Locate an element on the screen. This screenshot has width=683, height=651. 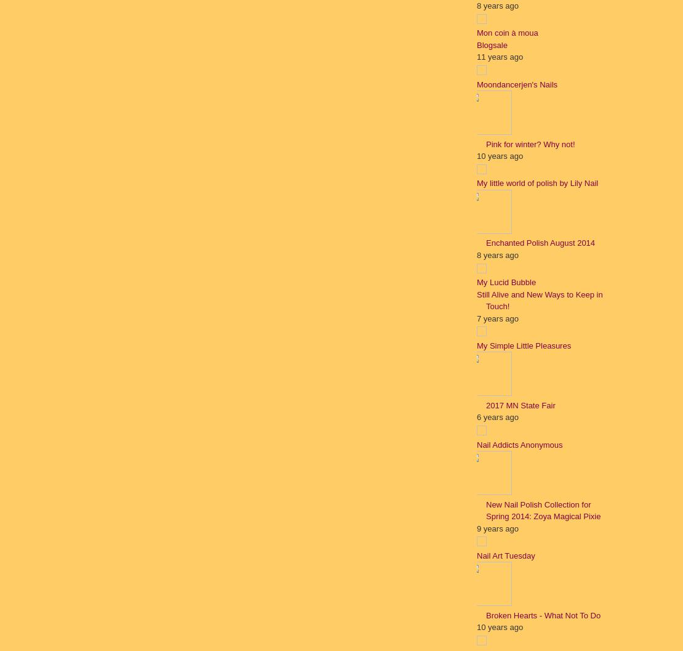
'9 years ago' is located at coordinates (497, 527).